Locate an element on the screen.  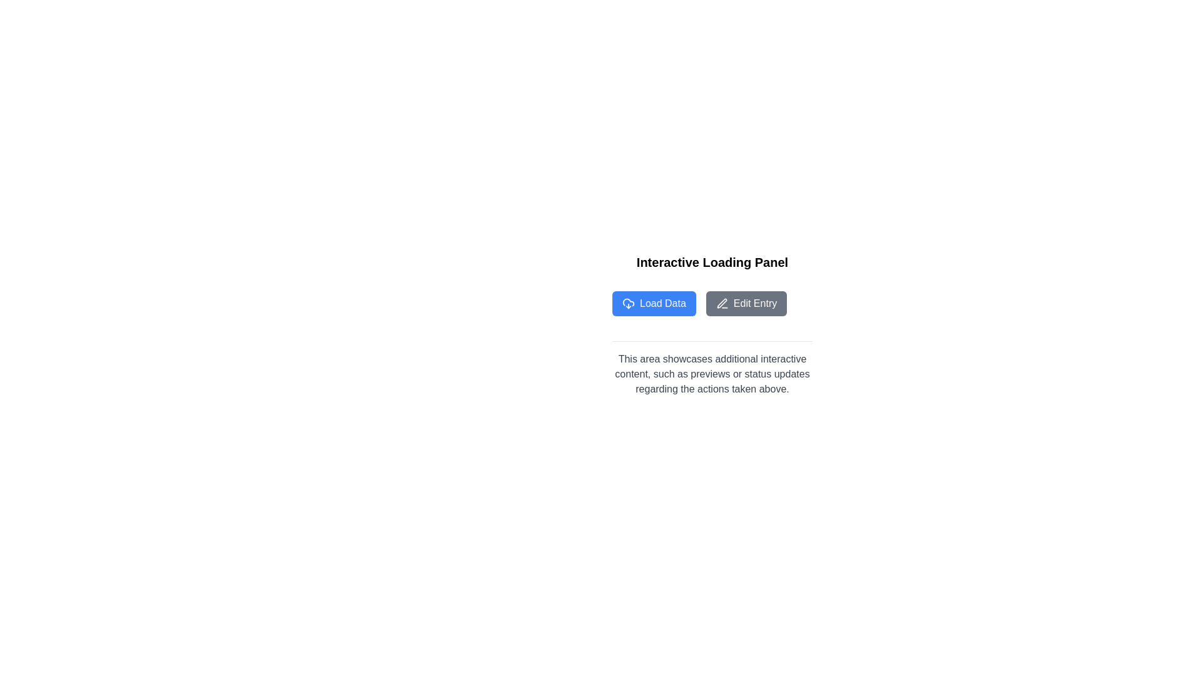
the cloud icon with a downward arrow in the blue button labeled 'Load Data' located in the top-left corner of the interactive panel is located at coordinates (628, 304).